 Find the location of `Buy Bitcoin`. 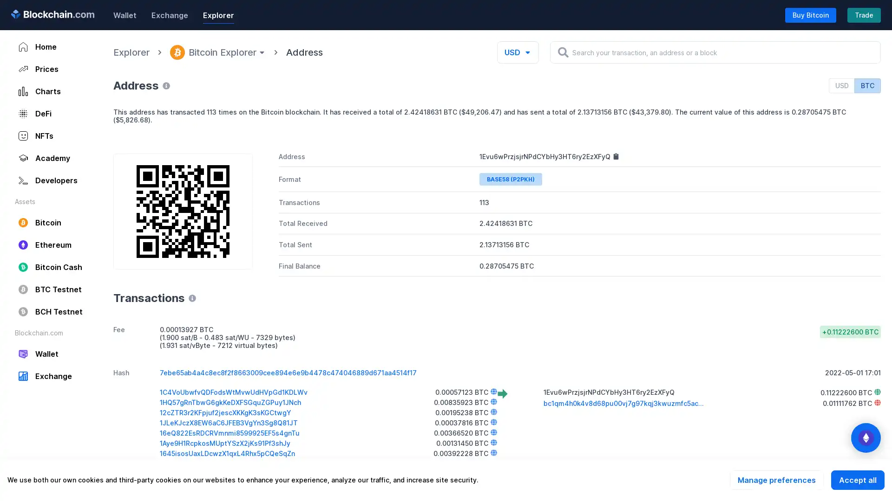

Buy Bitcoin is located at coordinates (810, 14).